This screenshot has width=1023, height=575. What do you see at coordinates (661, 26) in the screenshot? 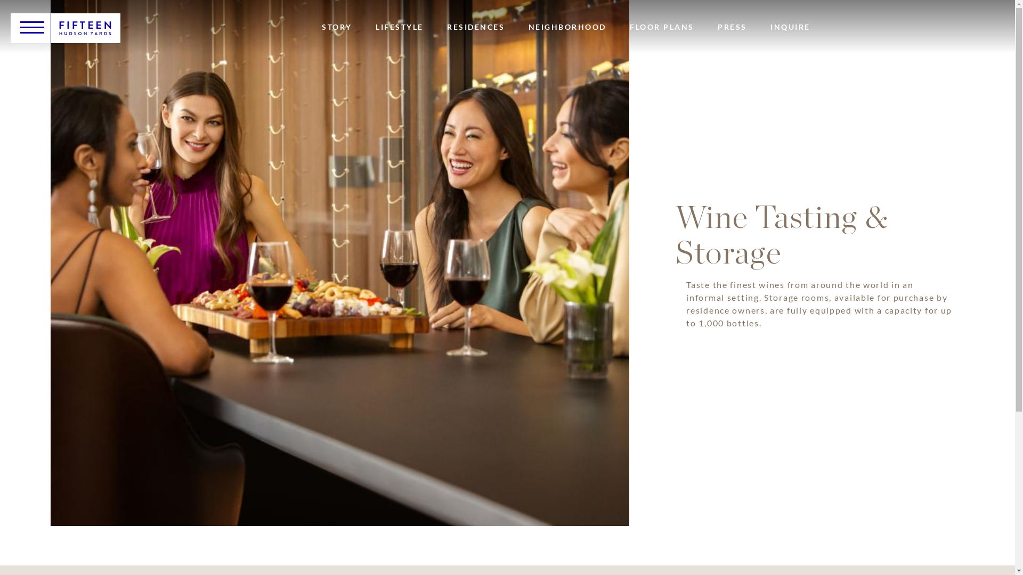
I see `'FLOOR PLANS'` at bounding box center [661, 26].